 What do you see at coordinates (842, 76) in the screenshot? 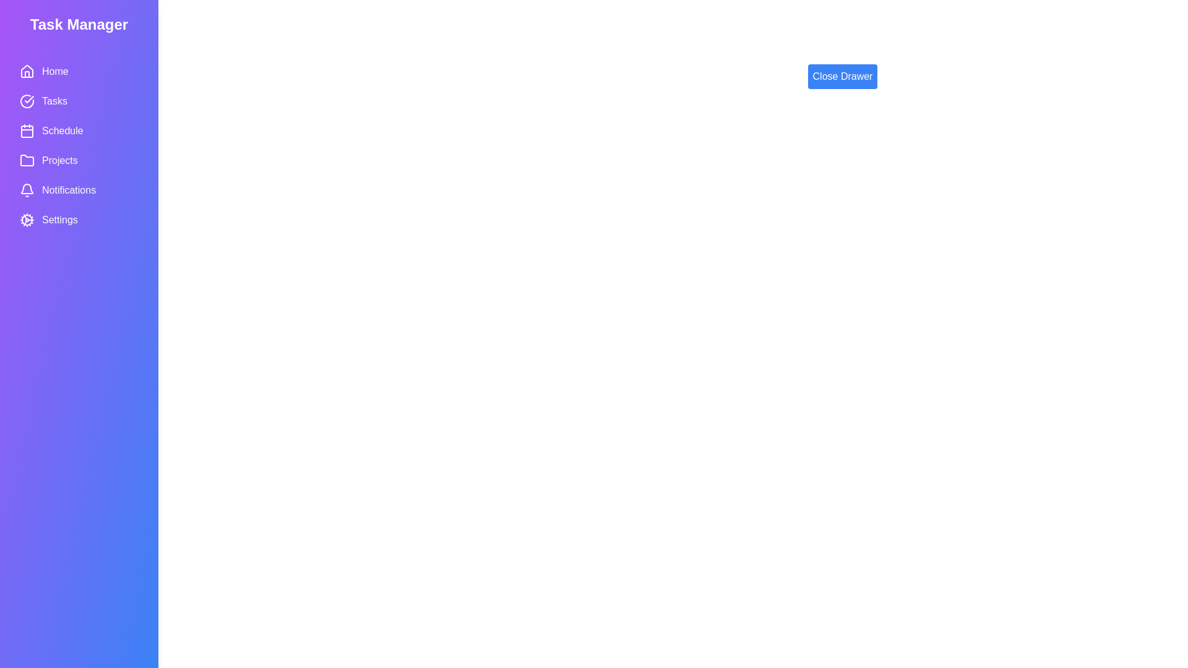
I see `the 'Close Drawer' button to toggle the visibility of the drawer` at bounding box center [842, 76].